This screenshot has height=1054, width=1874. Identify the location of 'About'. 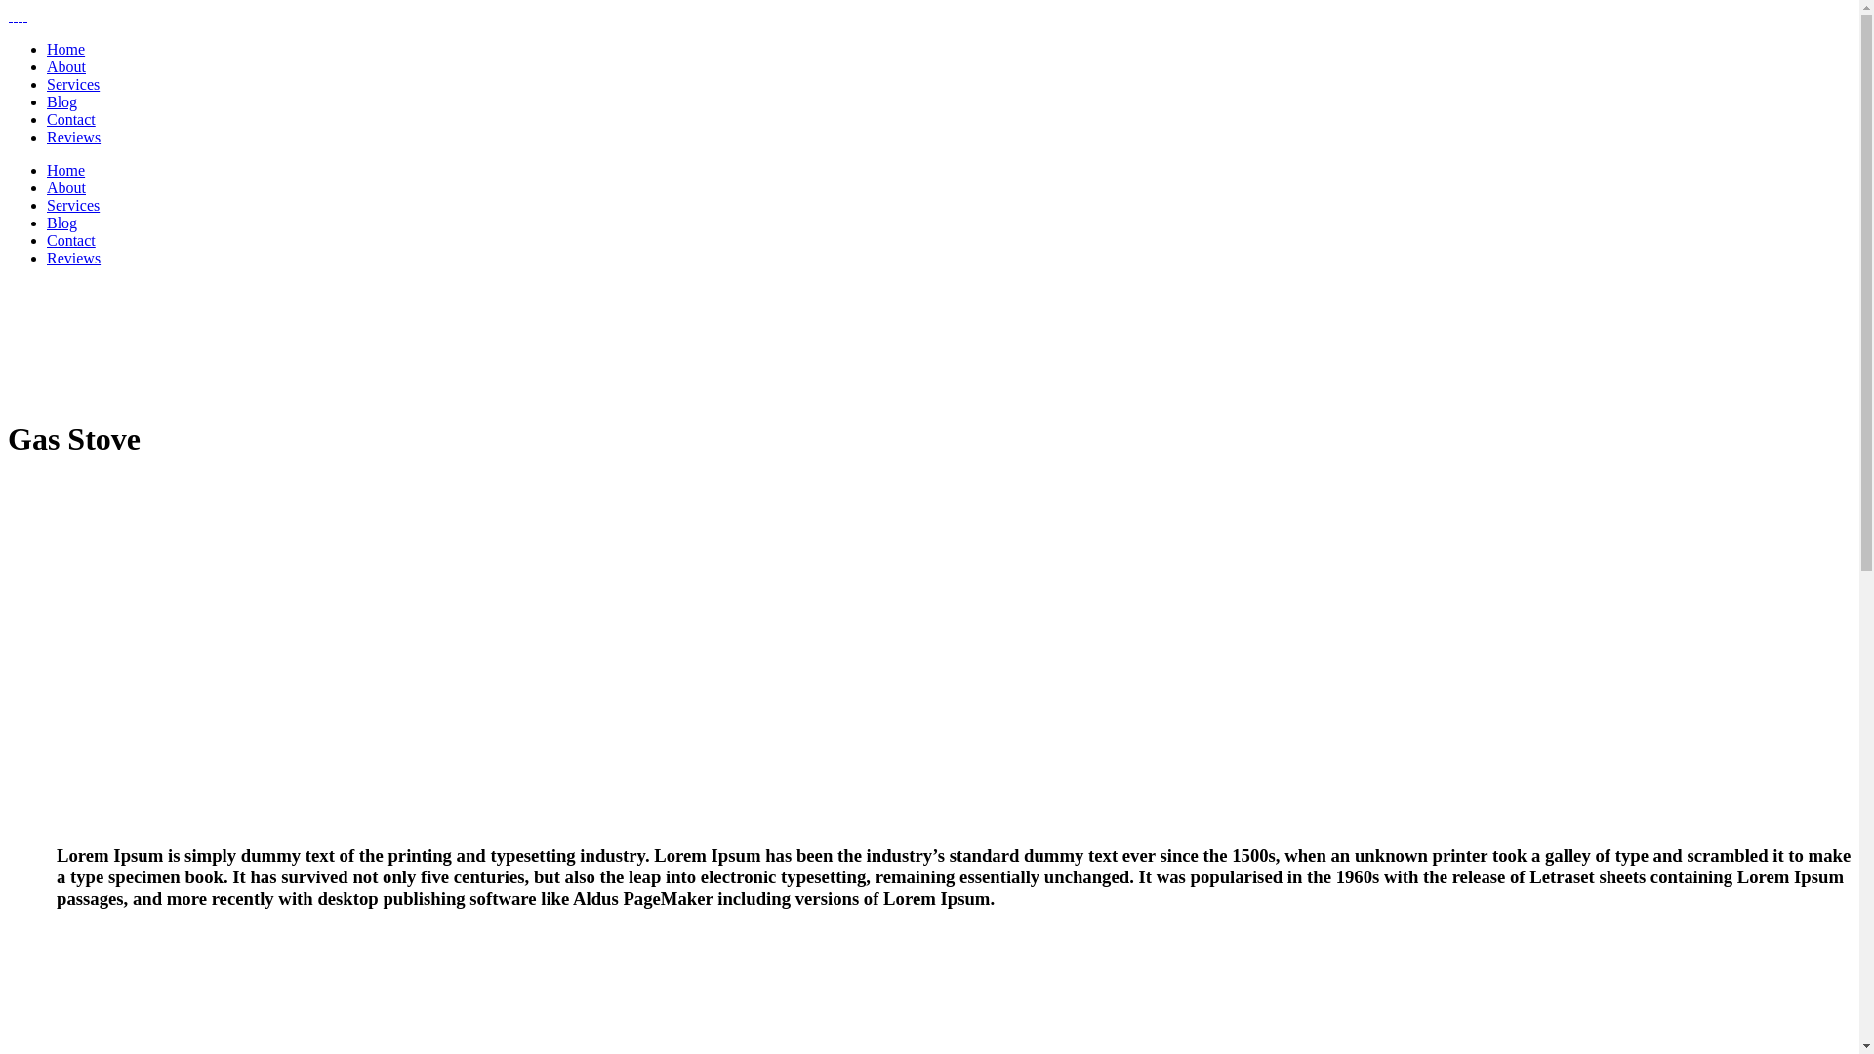
(65, 65).